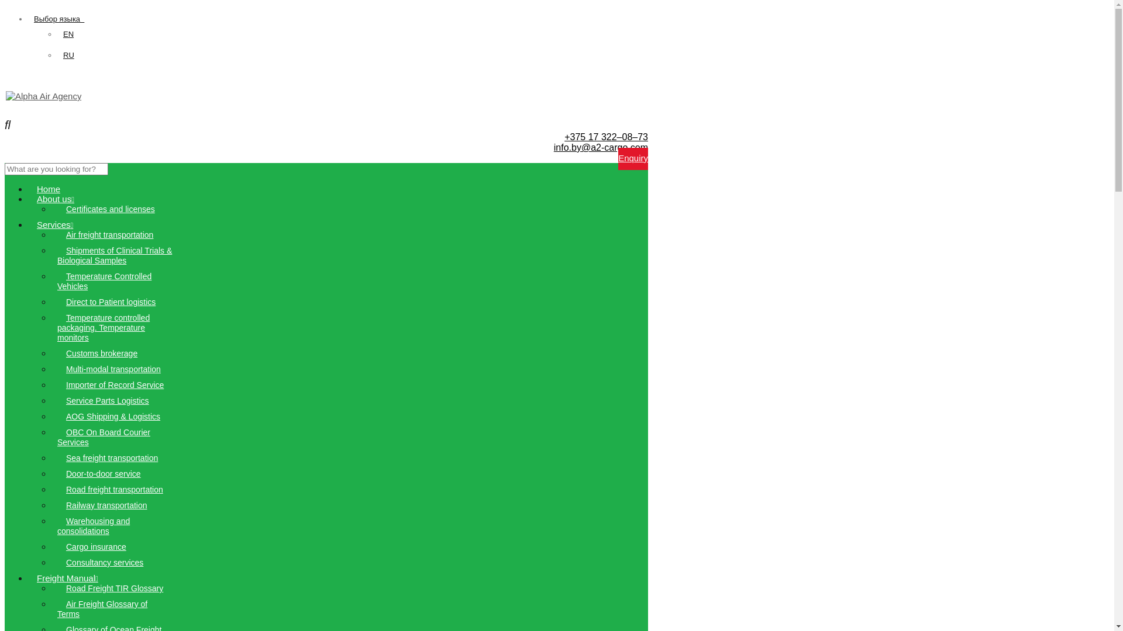  Describe the element at coordinates (104, 473) in the screenshot. I see `'Door-to-door service'` at that location.